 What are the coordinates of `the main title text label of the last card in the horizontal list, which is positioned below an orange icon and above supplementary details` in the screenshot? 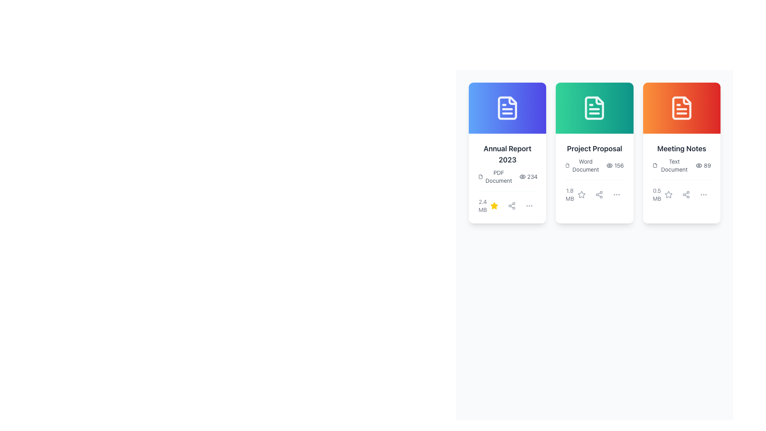 It's located at (681, 149).